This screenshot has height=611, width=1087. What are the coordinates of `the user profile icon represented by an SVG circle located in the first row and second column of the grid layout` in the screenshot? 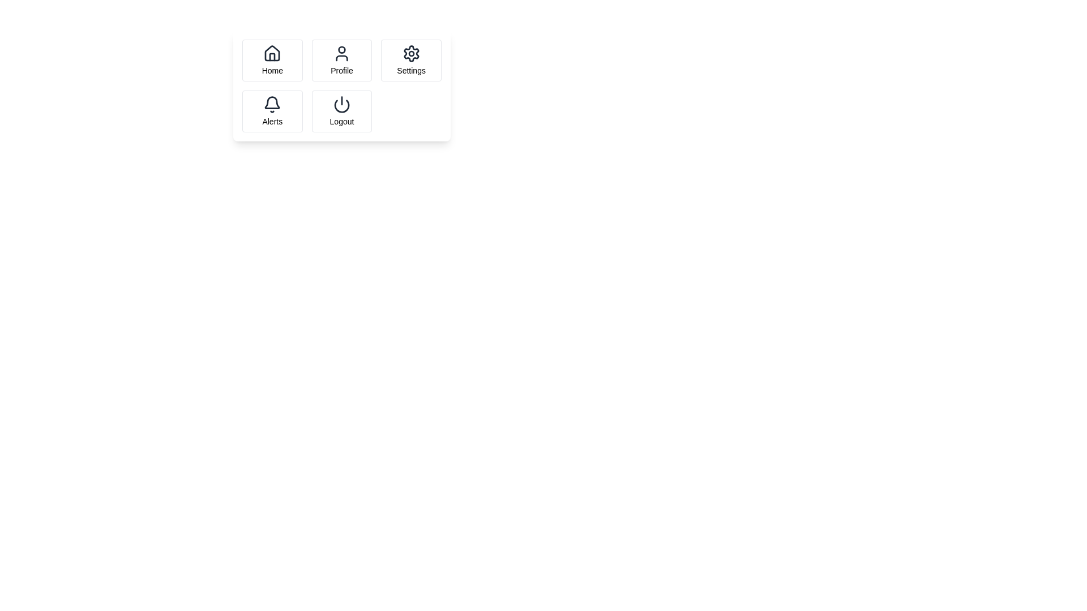 It's located at (341, 49).